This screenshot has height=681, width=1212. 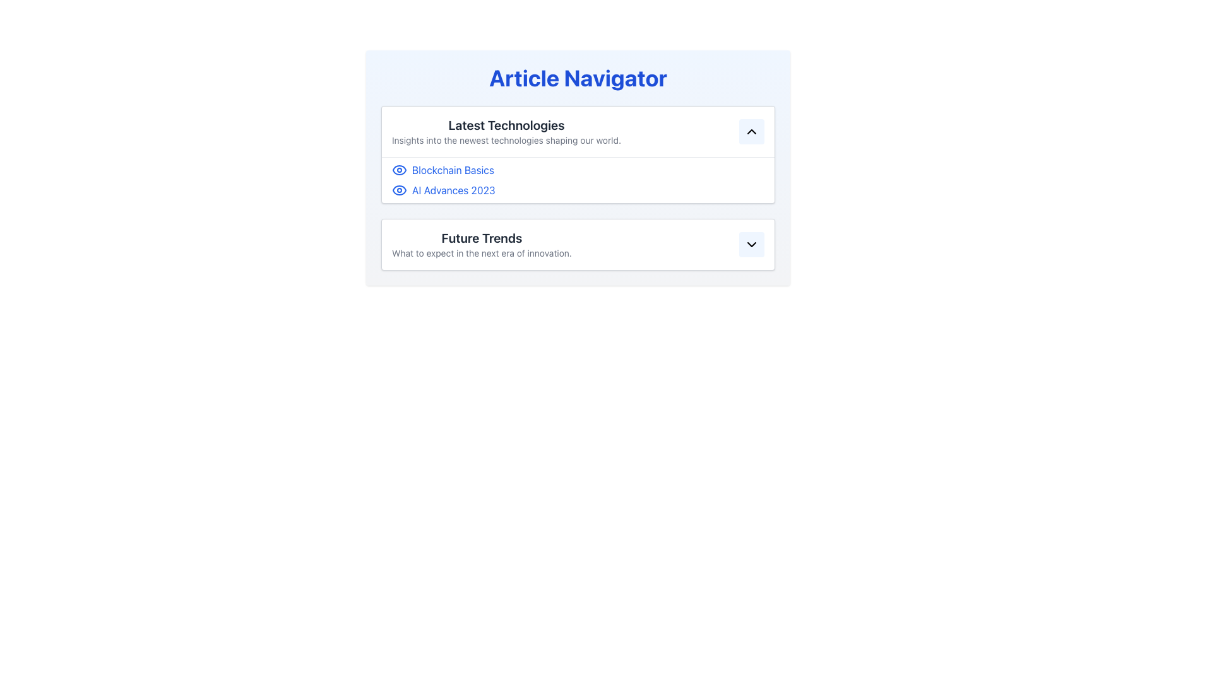 What do you see at coordinates (481, 253) in the screenshot?
I see `description text element located directly below the 'Future Trends' title text, which provides an overview of the section's content` at bounding box center [481, 253].